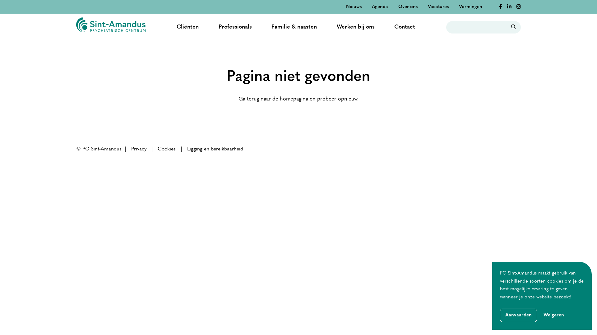 Image resolution: width=597 pixels, height=335 pixels. Describe the element at coordinates (355, 27) in the screenshot. I see `'Werken bij ons'` at that location.